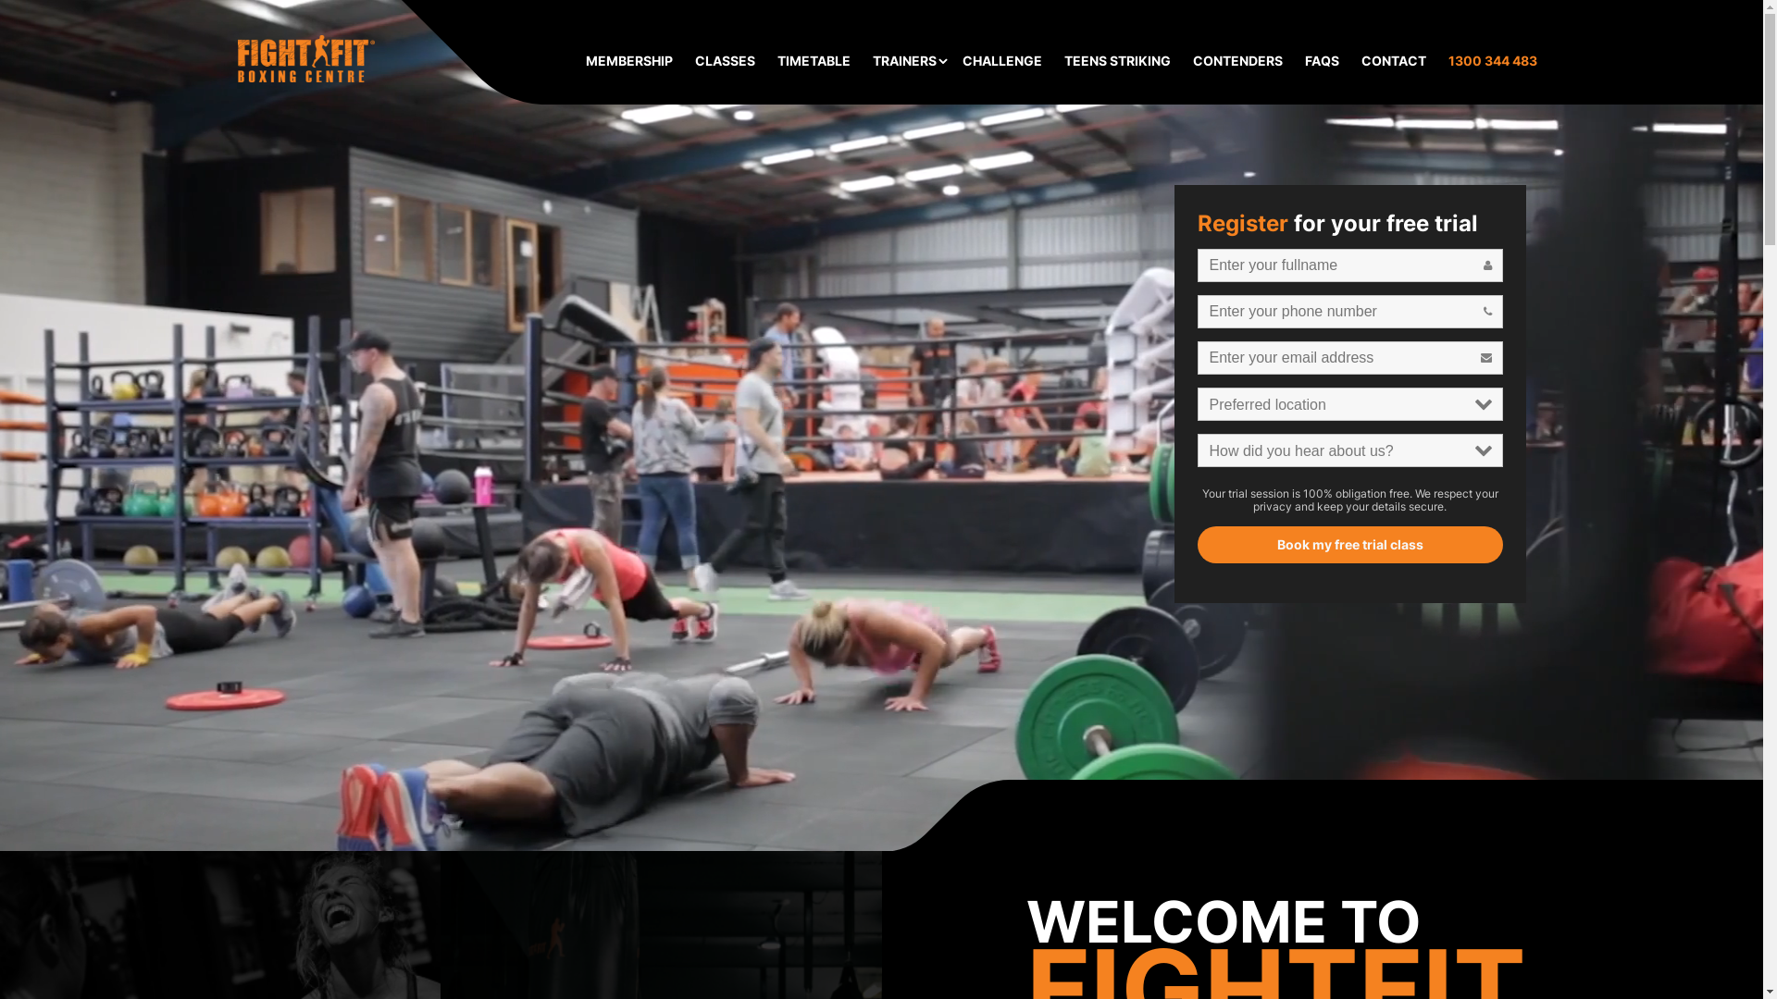 Image resolution: width=1777 pixels, height=999 pixels. What do you see at coordinates (584, 59) in the screenshot?
I see `'MEMBERSHIP'` at bounding box center [584, 59].